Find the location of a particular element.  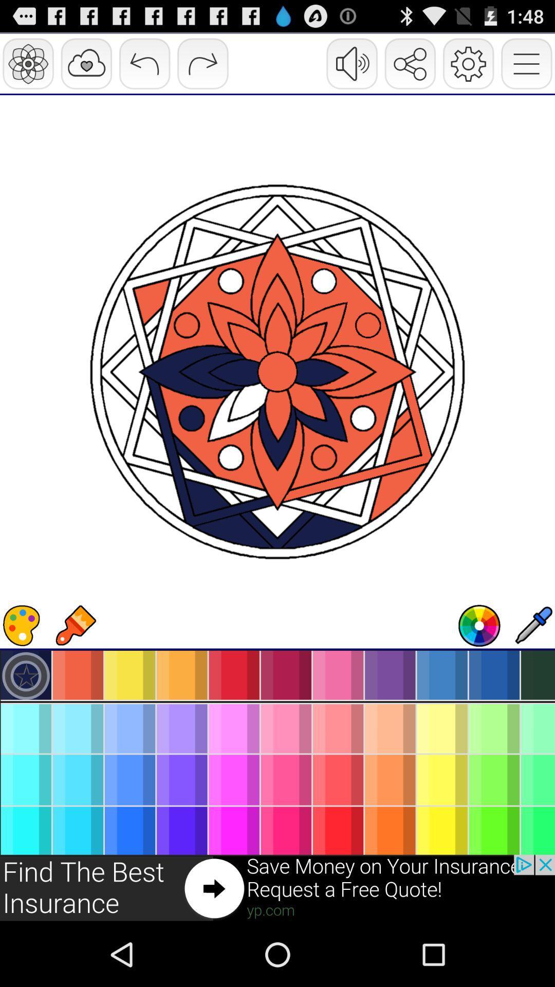

sound is located at coordinates (479, 625).